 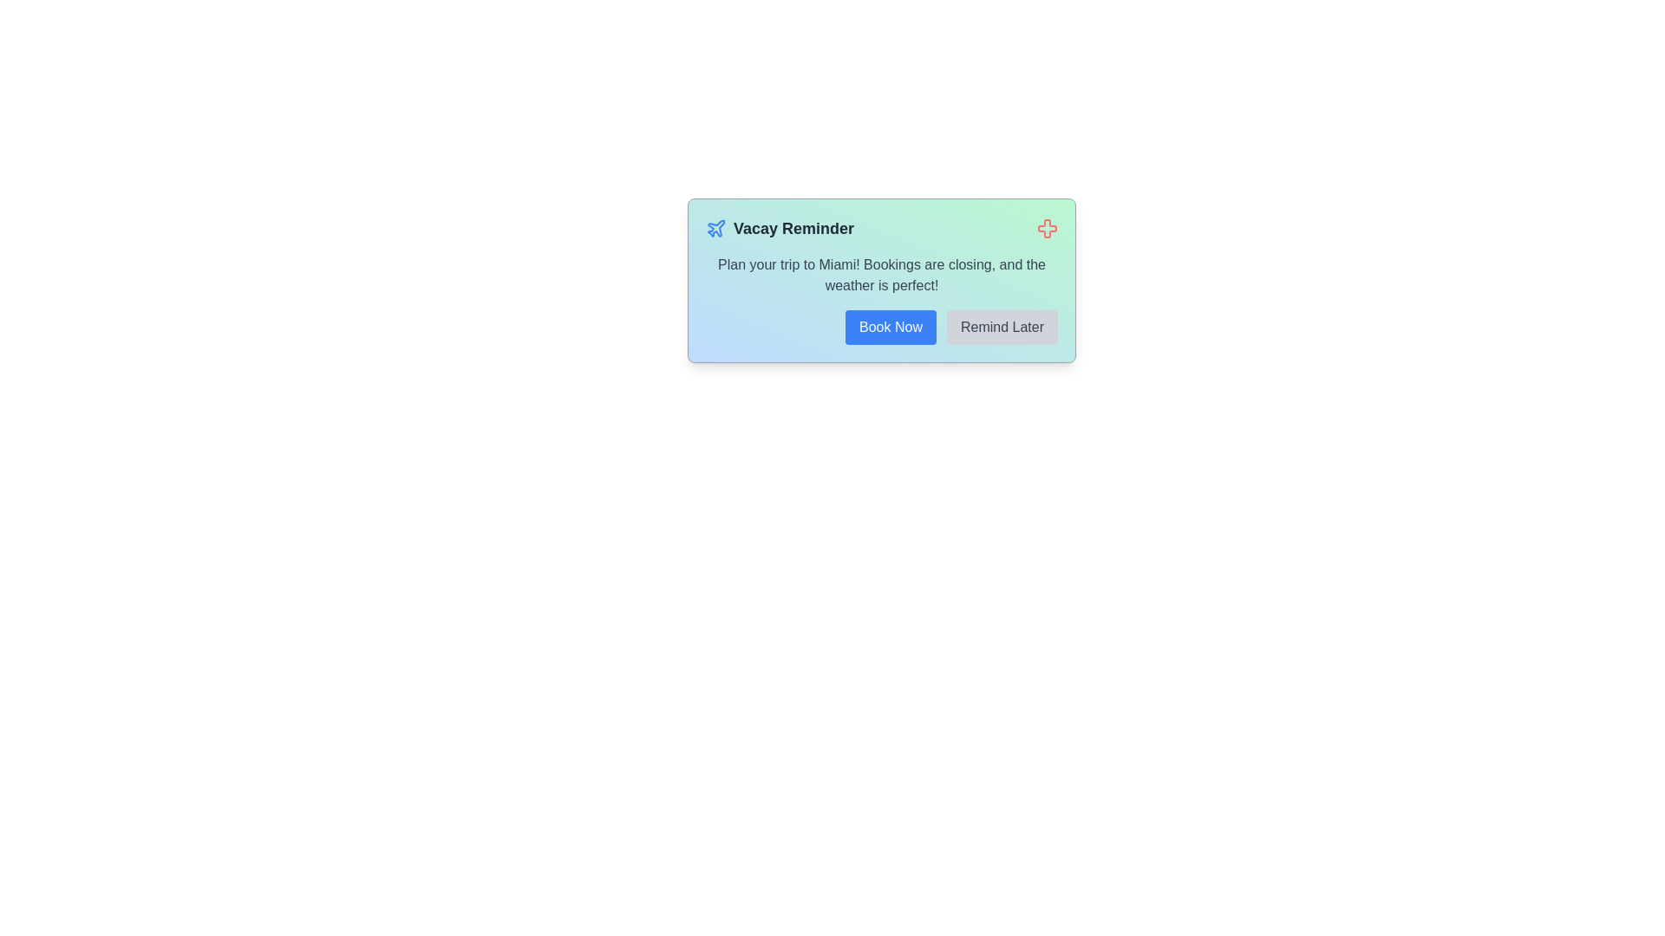 What do you see at coordinates (1002, 328) in the screenshot?
I see `the 'Remind Later' button, which is a light gray button with black text located at the bottom right corner of the notification card` at bounding box center [1002, 328].